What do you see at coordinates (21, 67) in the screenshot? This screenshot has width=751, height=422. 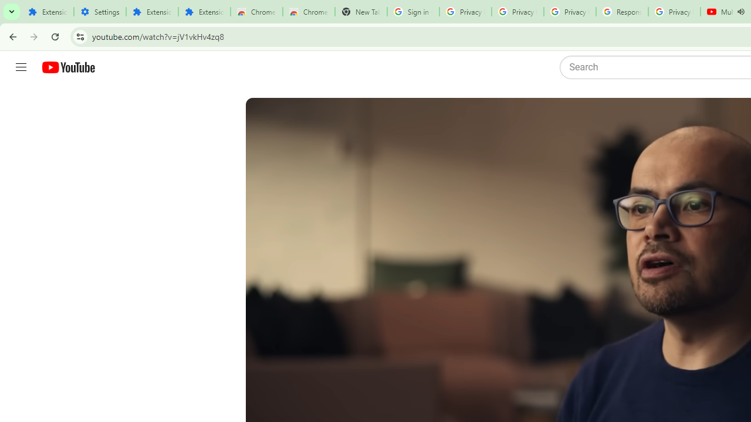 I see `'Guide'` at bounding box center [21, 67].